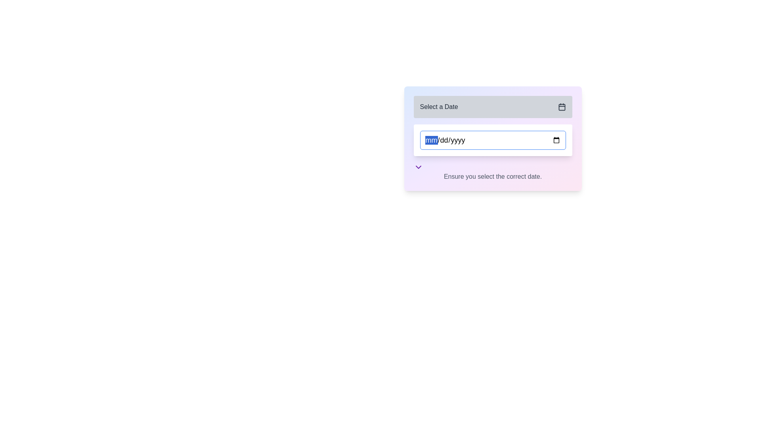 This screenshot has height=428, width=761. I want to click on the chevron icon that expands the dropdown menu for the date input functionality, located to the left of the textual note and below the input field, so click(418, 166).